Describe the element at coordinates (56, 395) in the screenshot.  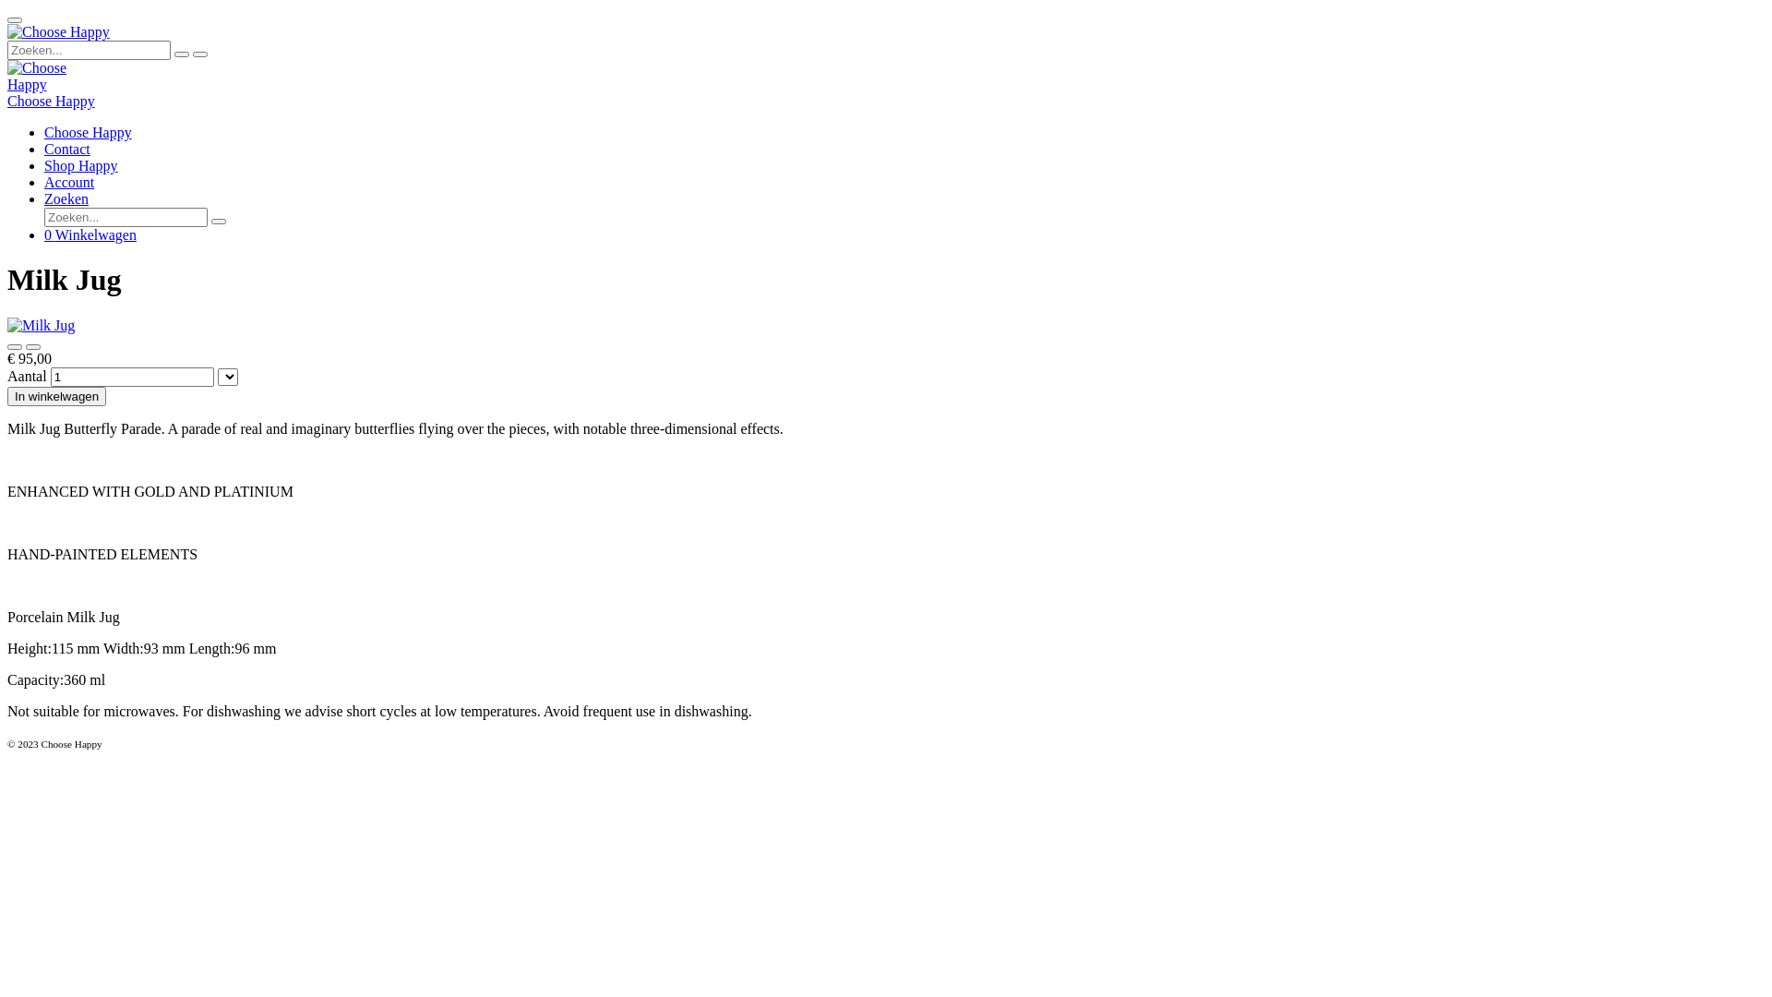
I see `'In winkelwagen'` at that location.